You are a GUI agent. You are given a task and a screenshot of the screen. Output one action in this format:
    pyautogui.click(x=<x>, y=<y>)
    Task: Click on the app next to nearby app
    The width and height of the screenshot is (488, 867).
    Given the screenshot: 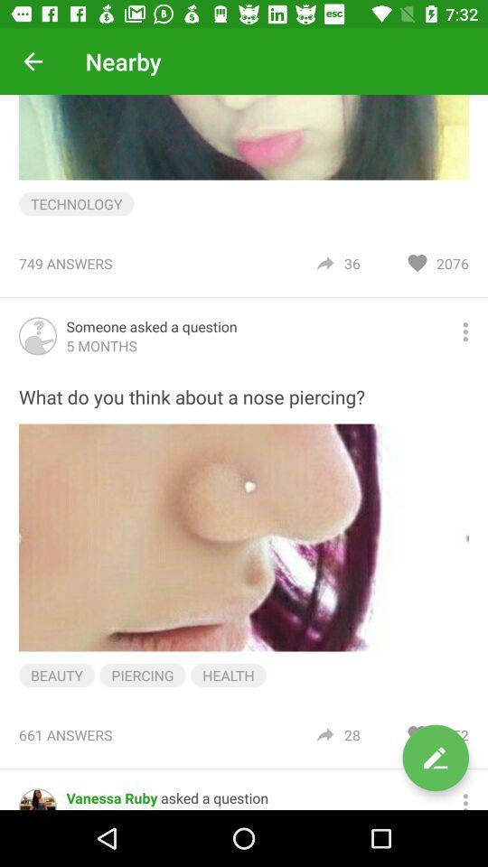 What is the action you would take?
    pyautogui.click(x=33, y=61)
    